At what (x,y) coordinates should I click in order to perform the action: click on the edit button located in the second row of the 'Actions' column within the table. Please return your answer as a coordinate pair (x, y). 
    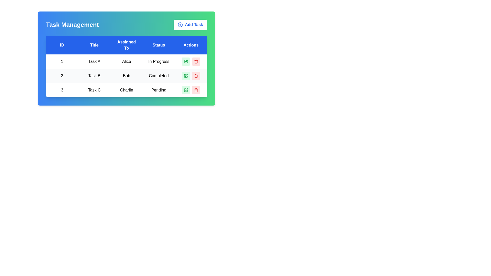
    Looking at the image, I should click on (185, 76).